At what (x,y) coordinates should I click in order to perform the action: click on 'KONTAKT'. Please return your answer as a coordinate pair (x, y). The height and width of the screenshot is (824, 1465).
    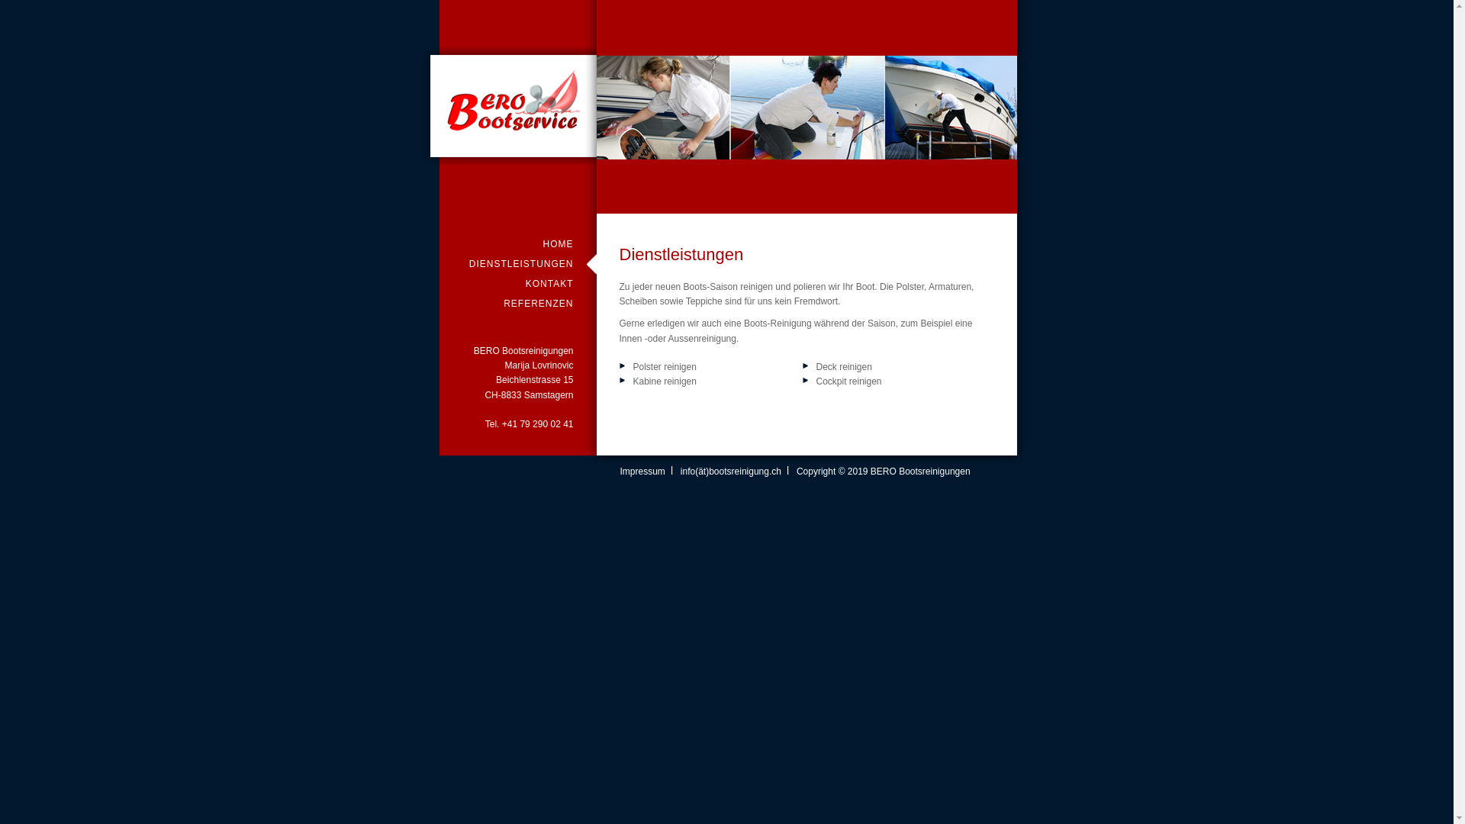
    Looking at the image, I should click on (517, 283).